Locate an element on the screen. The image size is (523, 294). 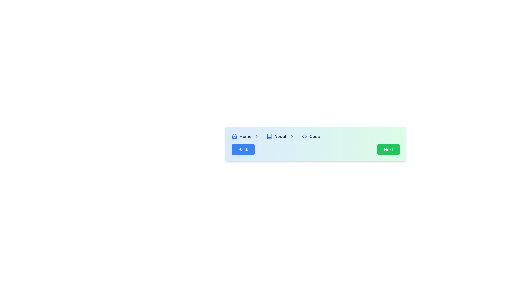
the 'About' hyperlink in the breadcrumb navigation bar is located at coordinates (280, 136).